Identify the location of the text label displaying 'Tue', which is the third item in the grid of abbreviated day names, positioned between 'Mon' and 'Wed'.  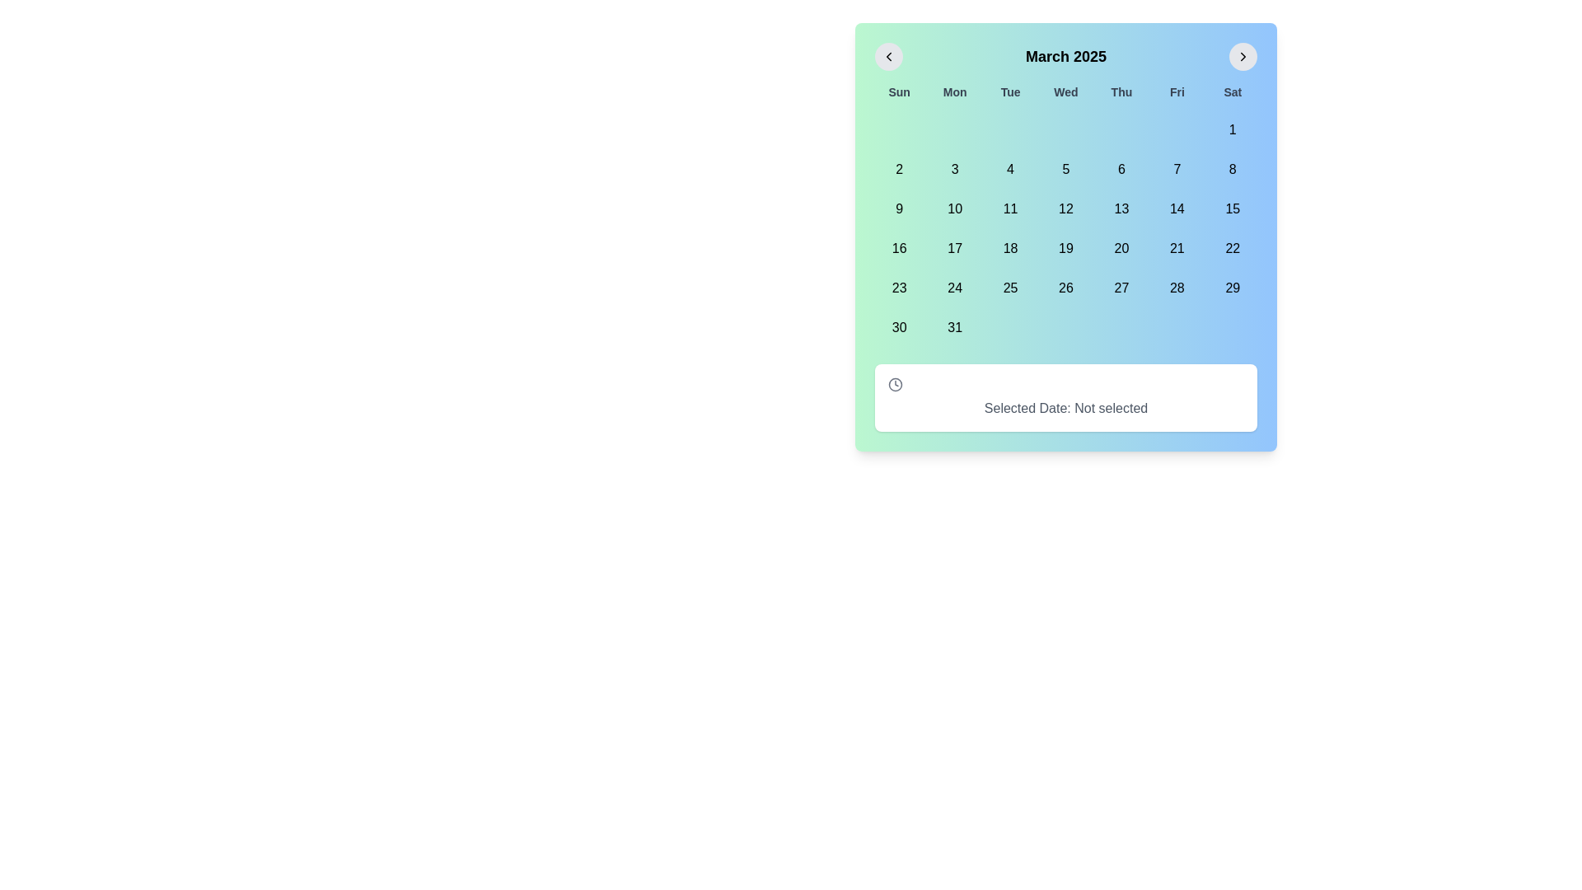
(1009, 91).